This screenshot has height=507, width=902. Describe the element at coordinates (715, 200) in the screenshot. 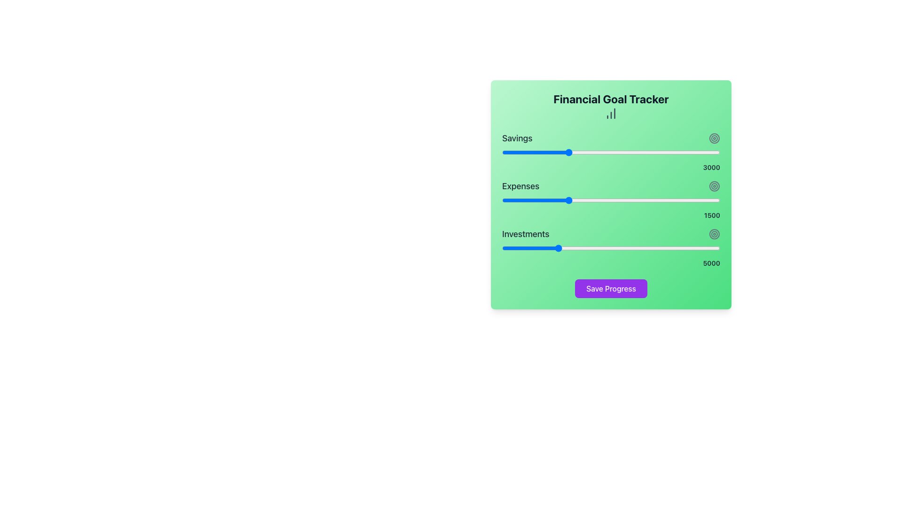

I see `the expense value` at that location.